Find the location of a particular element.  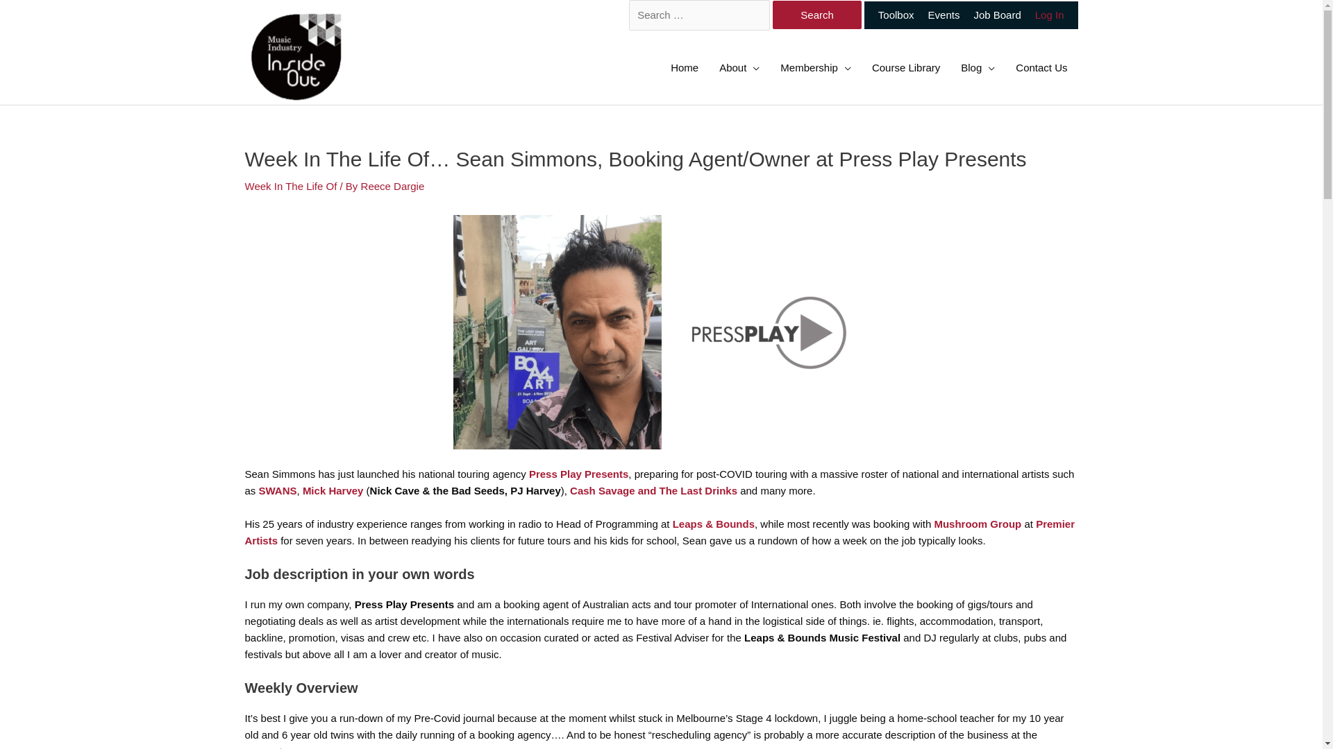

'Membership' is located at coordinates (816, 67).